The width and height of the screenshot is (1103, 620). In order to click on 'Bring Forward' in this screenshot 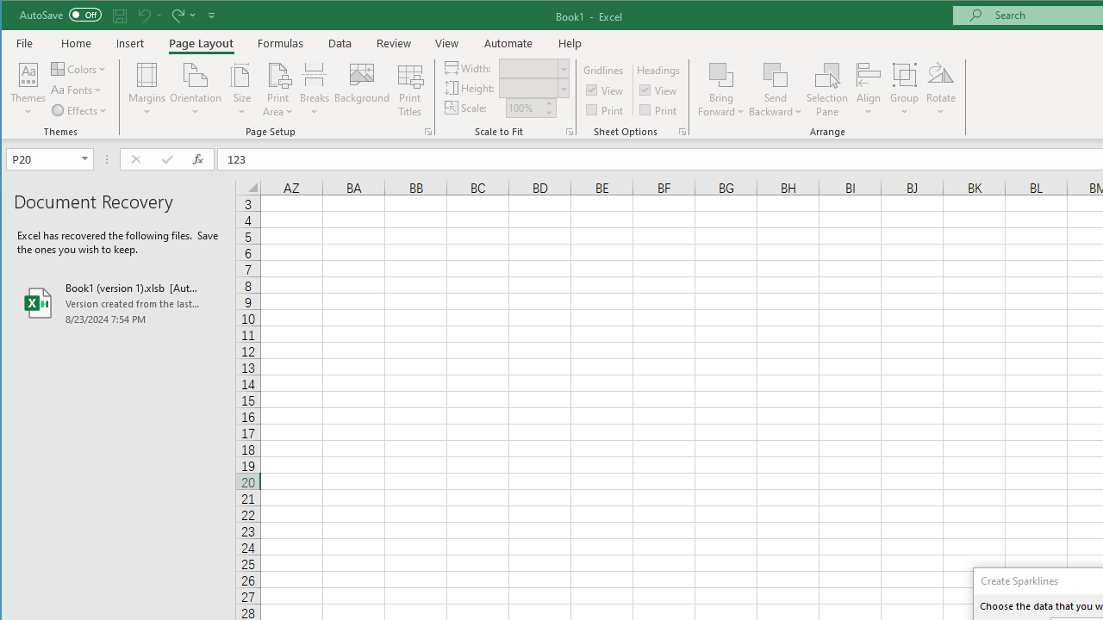, I will do `click(721, 73)`.